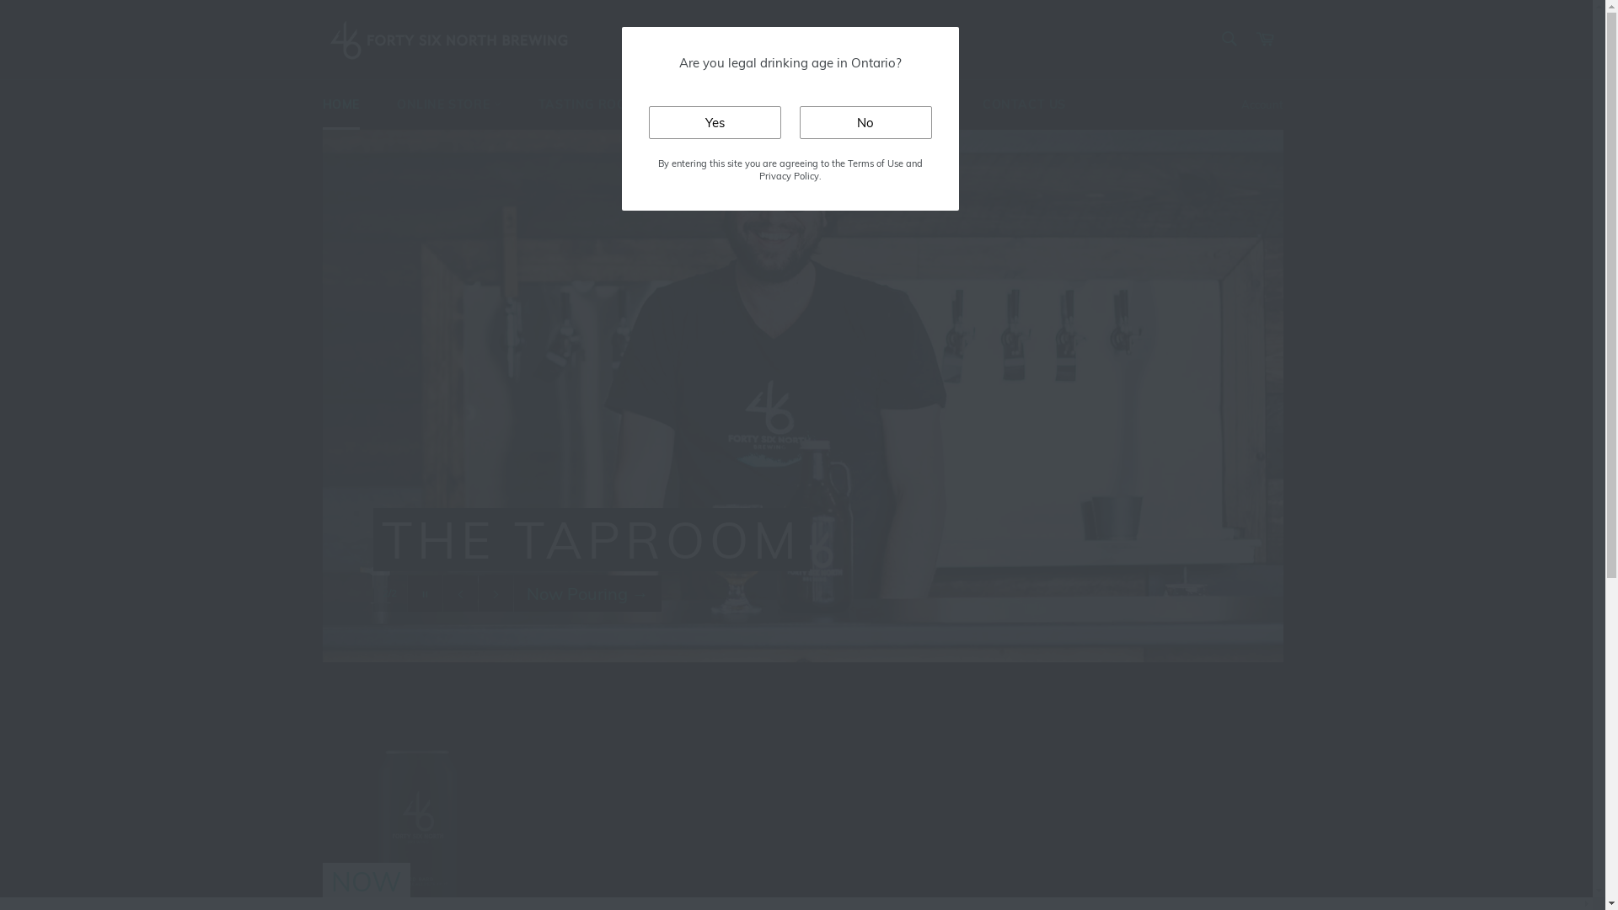 The image size is (1618, 910). Describe the element at coordinates (1265, 38) in the screenshot. I see `'Cart'` at that location.